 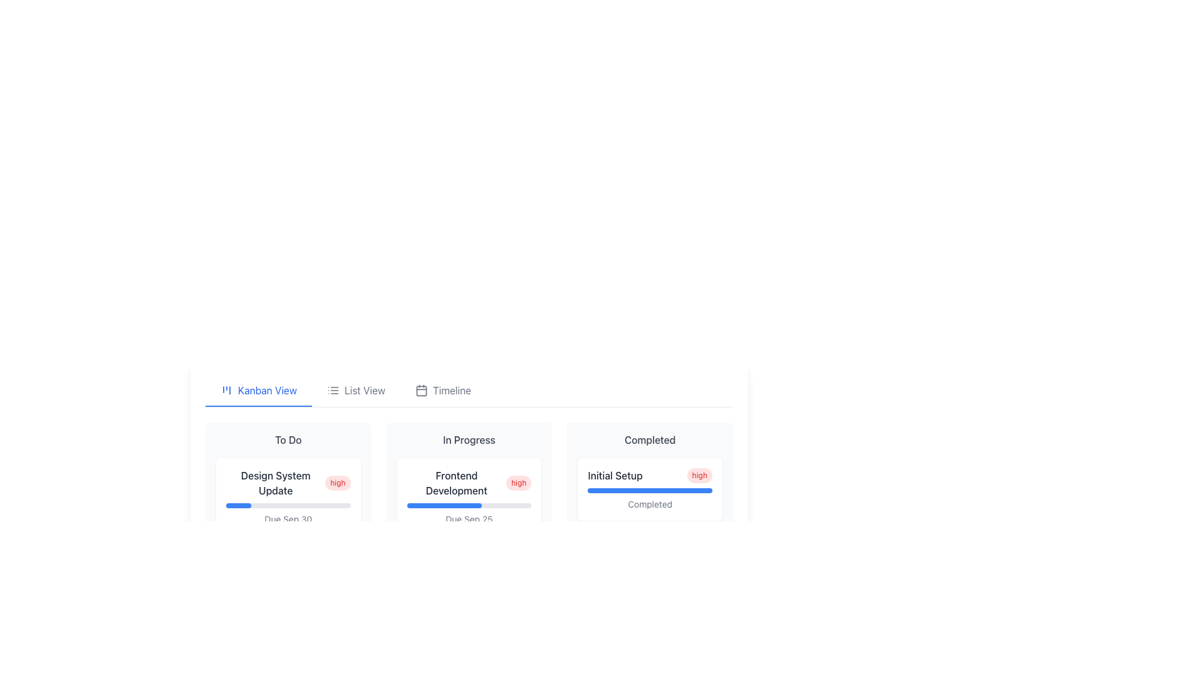 I want to click on the 'List View' button, which is the second tab in a row of three tabs, to change its color, so click(x=355, y=390).